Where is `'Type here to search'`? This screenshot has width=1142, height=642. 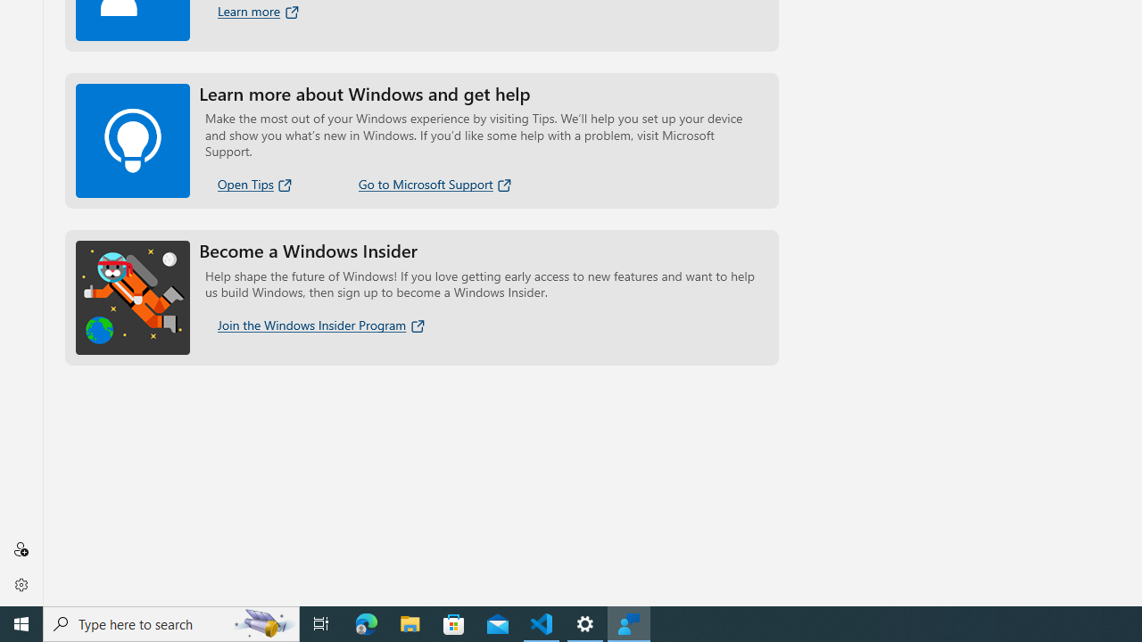 'Type here to search' is located at coordinates (171, 622).